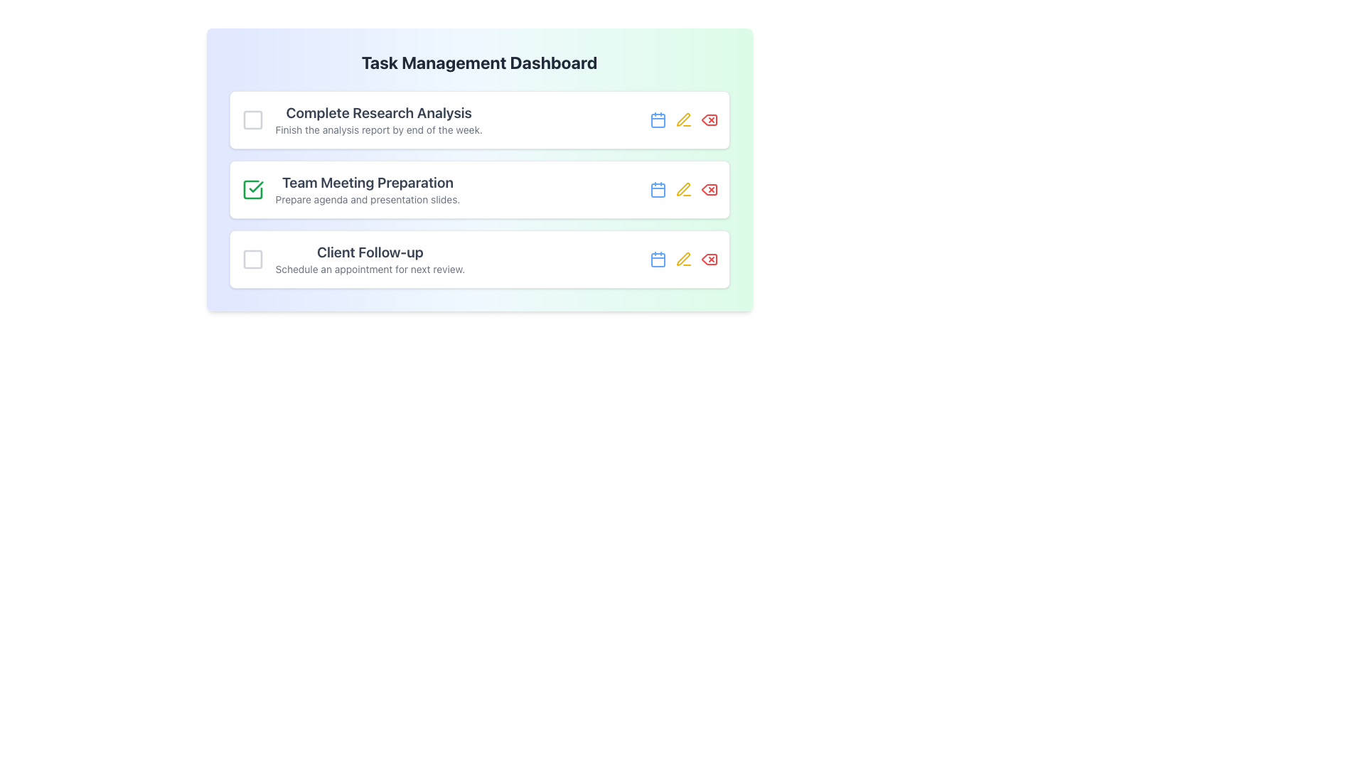 The image size is (1365, 768). Describe the element at coordinates (370, 260) in the screenshot. I see `the text label displaying 'Client Follow-up' and 'Schedule an appointment for next review.' in the task management dashboard for additional context` at that location.